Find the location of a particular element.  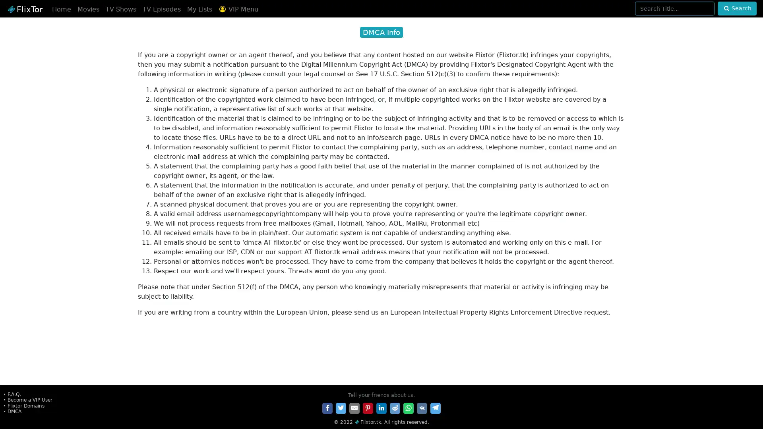

Search is located at coordinates (736, 8).